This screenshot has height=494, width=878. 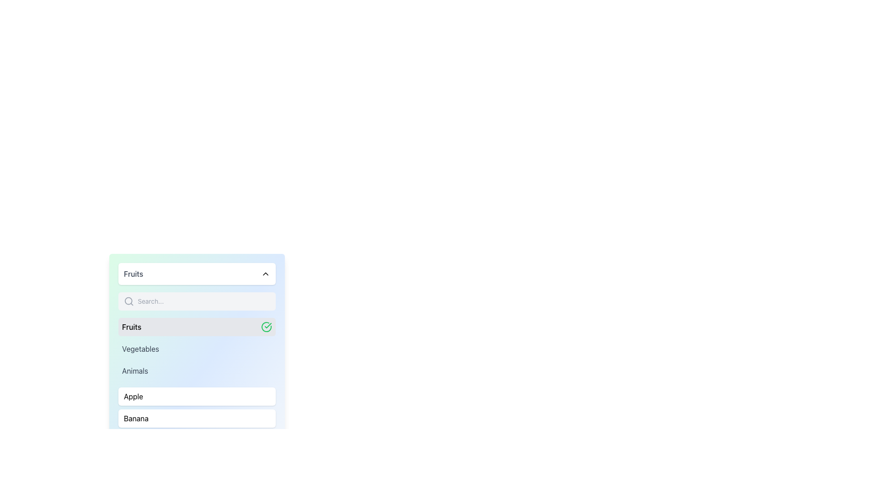 I want to click on the 'Fruits' text label in the upper portion of the dropdown menu, located in the left segment next to an icon and a decorative chevron, so click(x=133, y=273).